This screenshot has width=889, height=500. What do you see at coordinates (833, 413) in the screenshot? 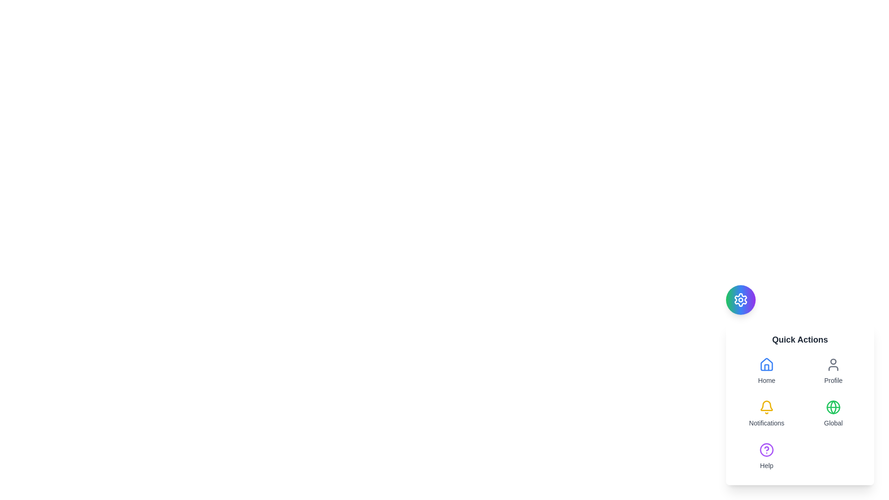
I see `the 'Global' button located in the bottom row, second column of the 'Quick Actions' panel` at bounding box center [833, 413].